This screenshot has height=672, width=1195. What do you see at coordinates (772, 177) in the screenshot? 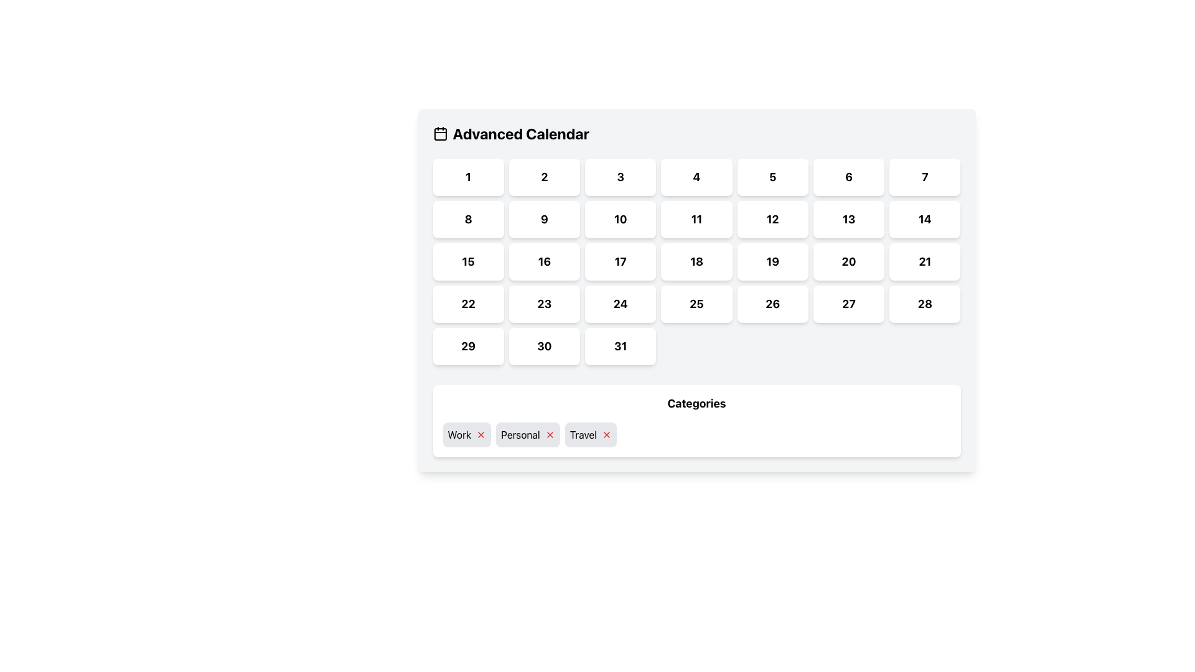
I see `the white rectangular button with a rounded border that contains the bold number '5'` at bounding box center [772, 177].